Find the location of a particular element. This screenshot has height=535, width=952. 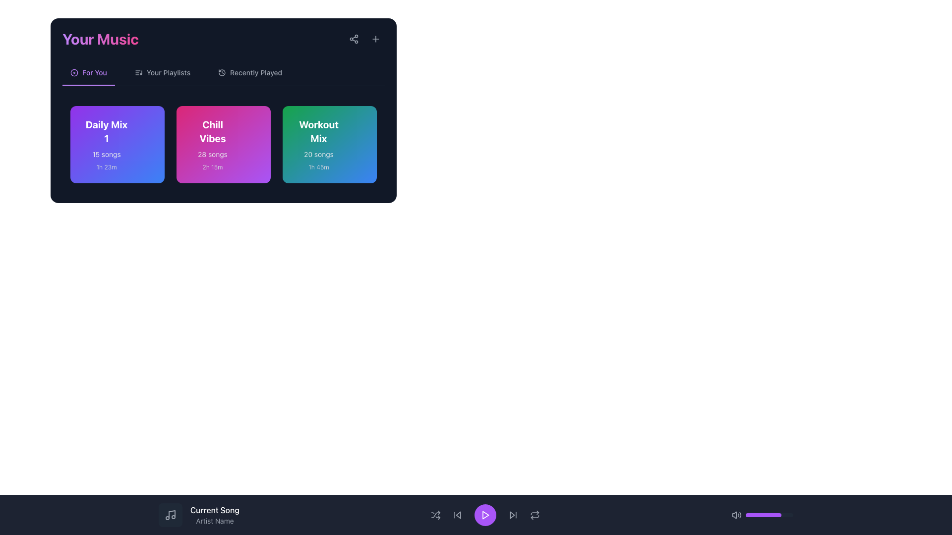

the skip button located immediately right of the play button in the media control icons is located at coordinates (513, 515).